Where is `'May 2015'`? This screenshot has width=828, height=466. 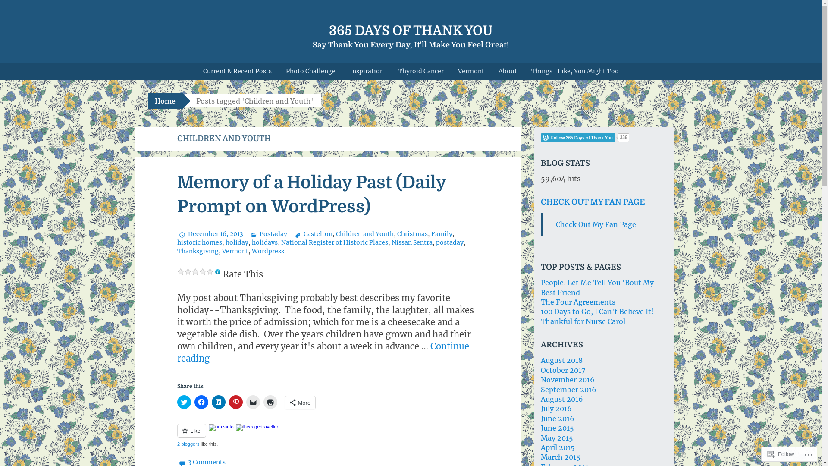
'May 2015' is located at coordinates (557, 438).